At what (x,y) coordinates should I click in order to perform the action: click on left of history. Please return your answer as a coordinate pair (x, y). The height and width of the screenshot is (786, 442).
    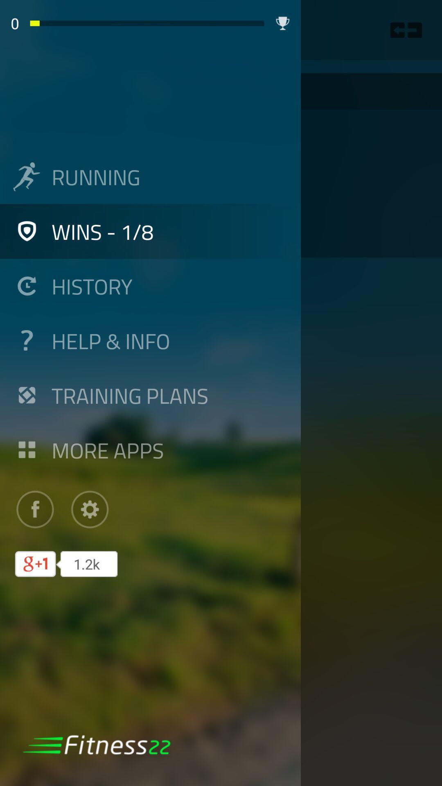
    Looking at the image, I should click on (26, 286).